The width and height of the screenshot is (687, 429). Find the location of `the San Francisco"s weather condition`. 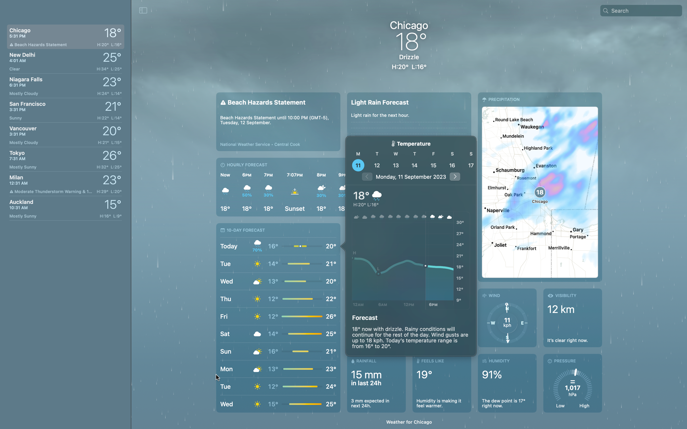

the San Francisco"s weather condition is located at coordinates (64, 108).